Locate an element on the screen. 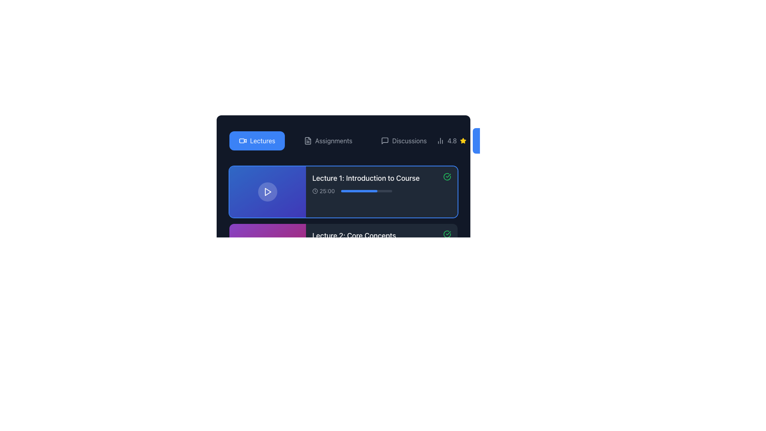  the slider is located at coordinates (353, 191).